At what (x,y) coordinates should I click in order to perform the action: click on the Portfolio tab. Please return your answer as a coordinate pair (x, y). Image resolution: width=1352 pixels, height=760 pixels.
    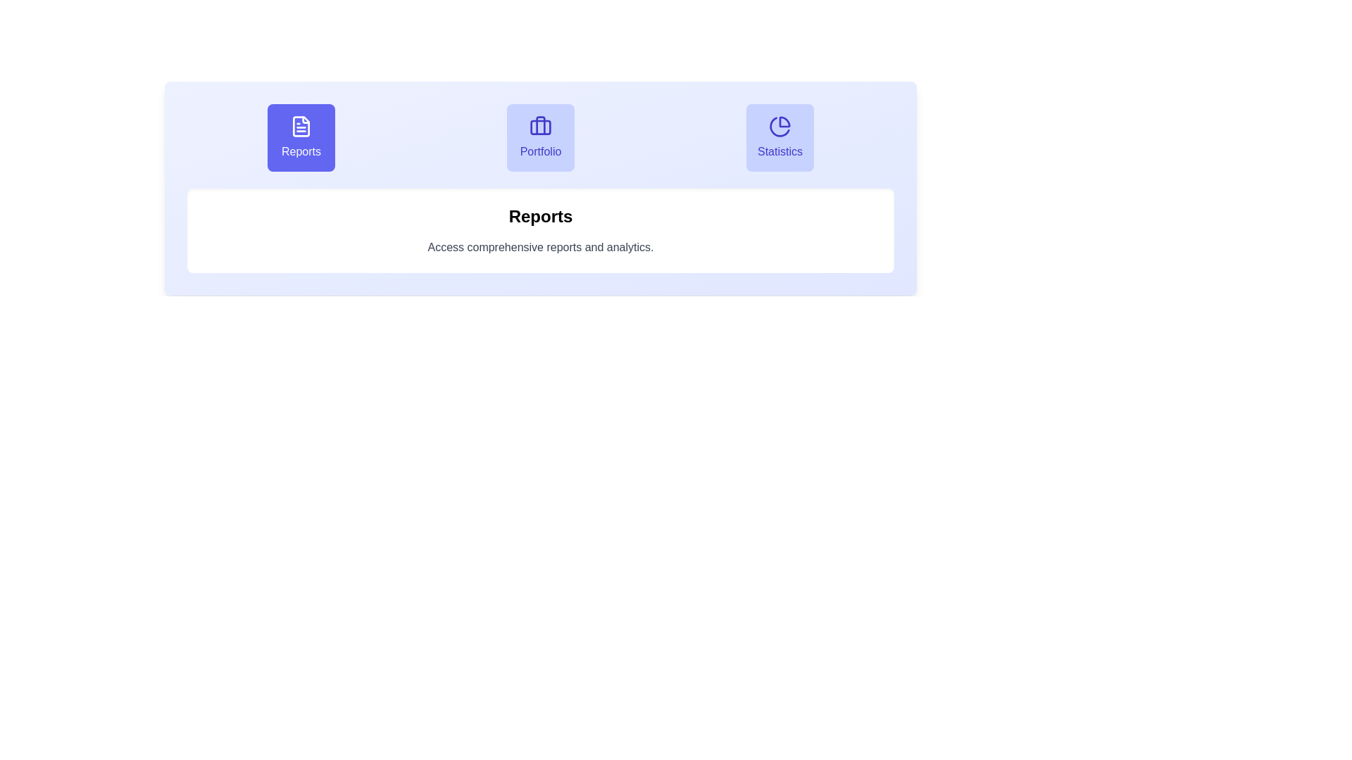
    Looking at the image, I should click on (540, 138).